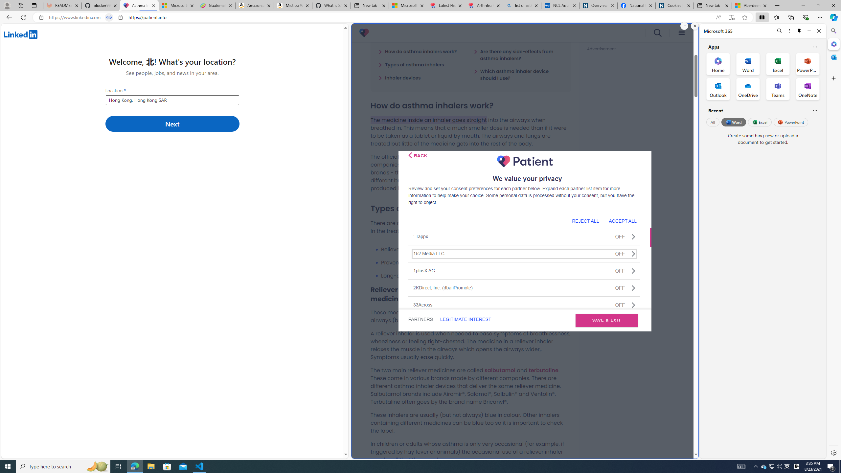  I want to click on 'Microsoft-Report a Concern to Bing', so click(178, 5).